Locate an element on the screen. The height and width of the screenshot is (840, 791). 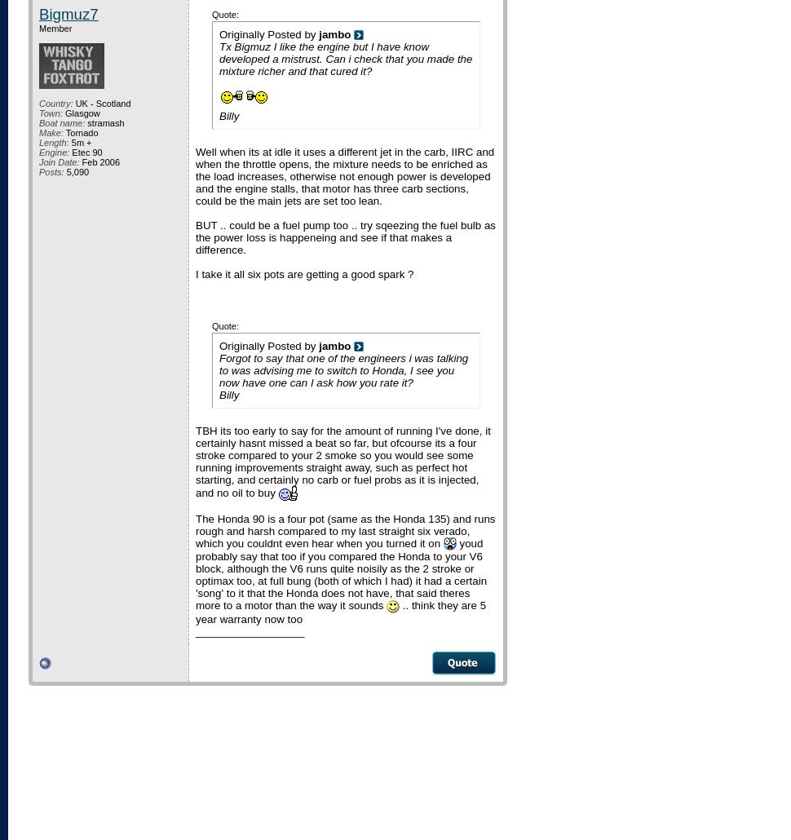
'Forgot to say that one of the engineers i was talking to was advising me to switch to Honda, I see you now have one can I ask how you rate it?' is located at coordinates (343, 369).